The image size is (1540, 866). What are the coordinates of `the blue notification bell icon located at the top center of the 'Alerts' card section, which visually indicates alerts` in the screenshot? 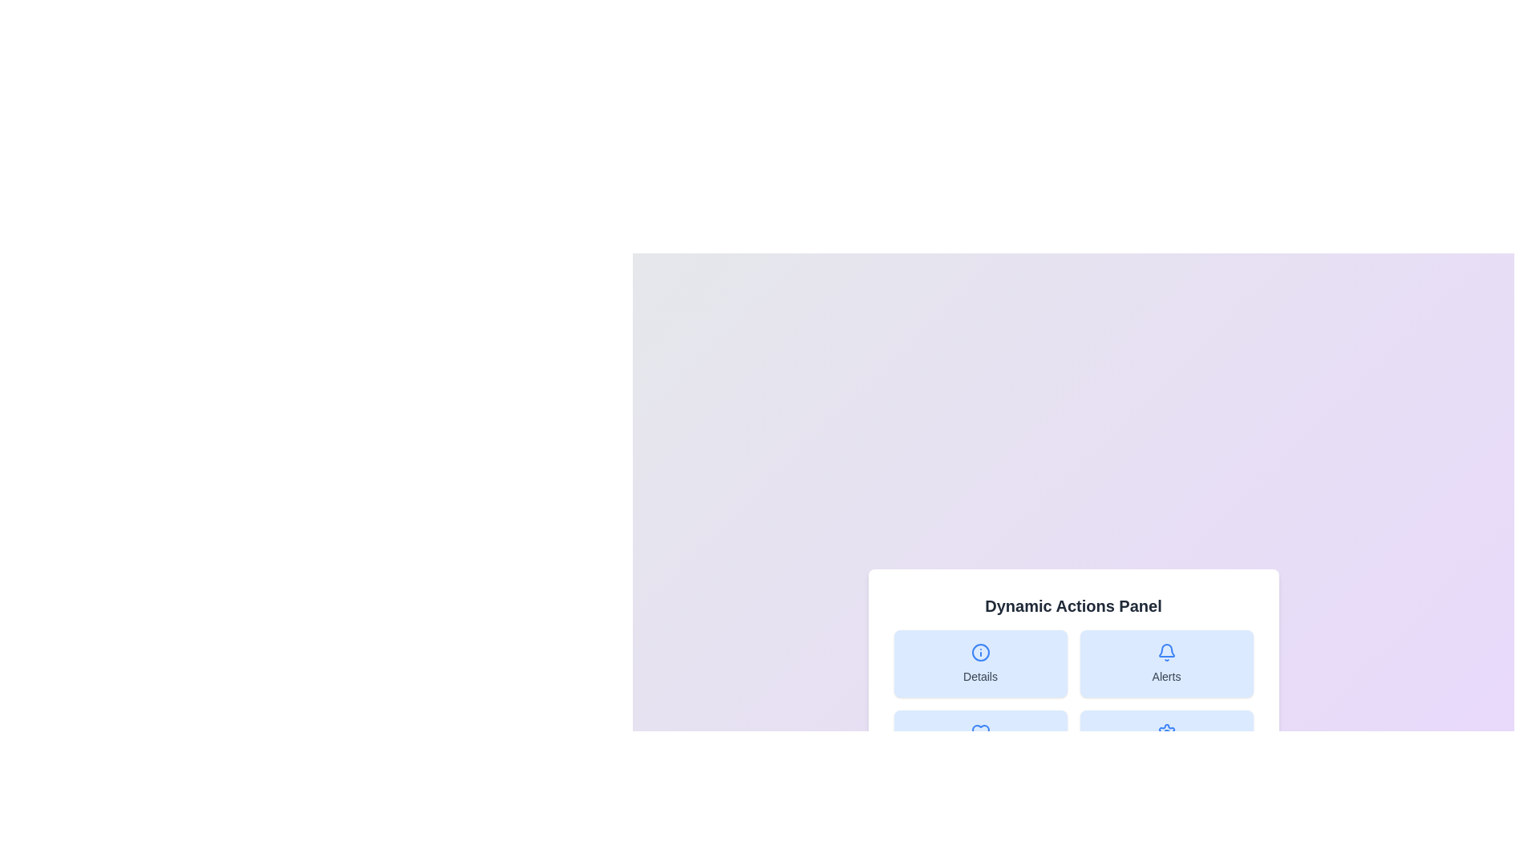 It's located at (1166, 652).